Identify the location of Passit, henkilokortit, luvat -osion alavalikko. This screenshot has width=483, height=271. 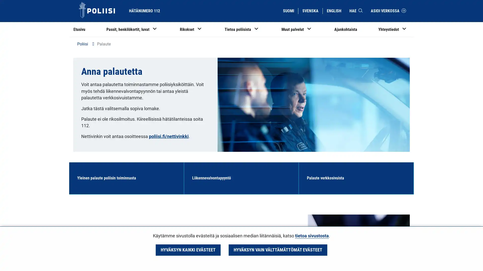
(158, 30).